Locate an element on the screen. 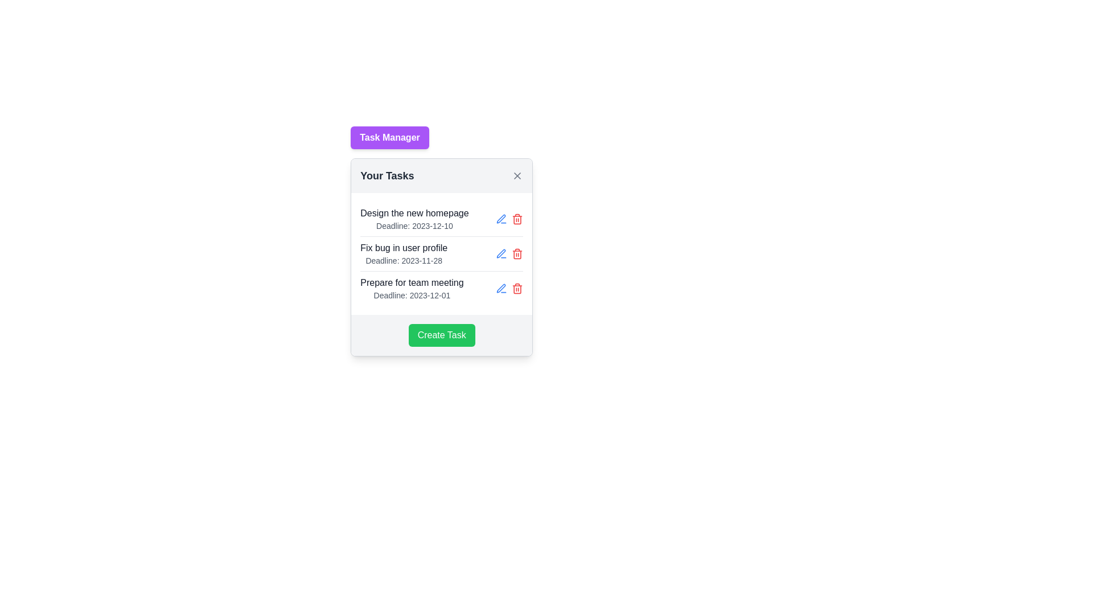 Image resolution: width=1093 pixels, height=615 pixels. the title text of the second task entry in the 'Your Tasks' section, located above the 'Deadline: 2023-11-28' text is located at coordinates (404, 247).